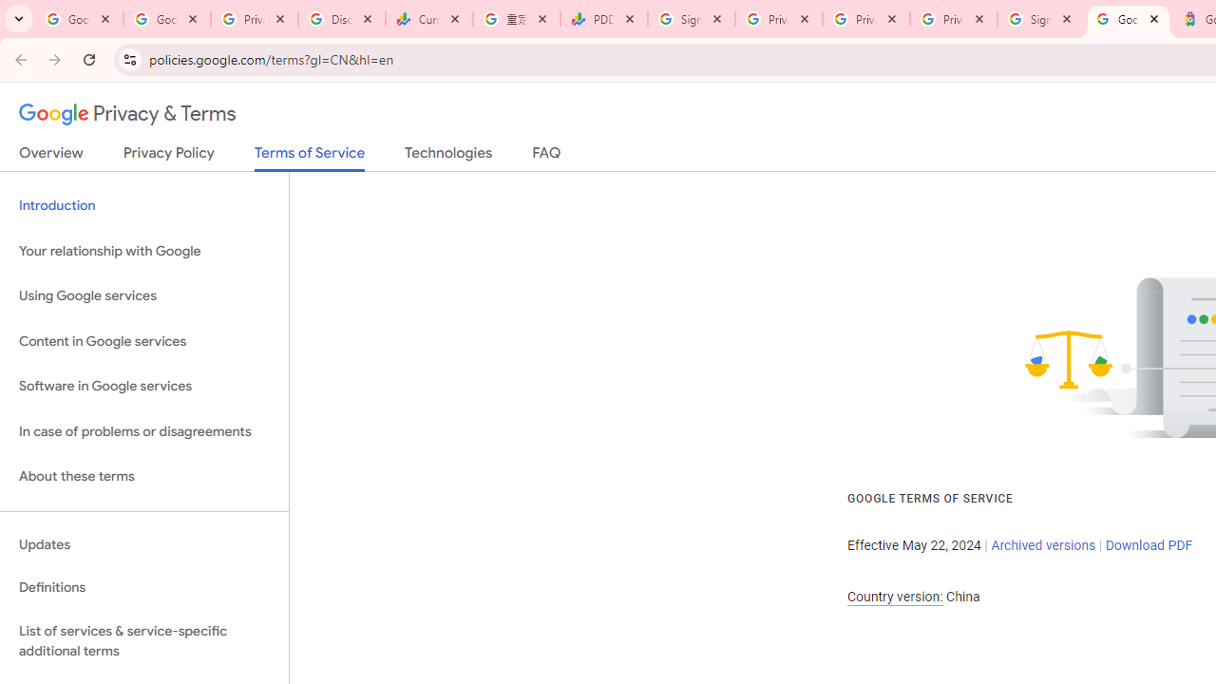  I want to click on 'Archived versions', so click(1042, 545).